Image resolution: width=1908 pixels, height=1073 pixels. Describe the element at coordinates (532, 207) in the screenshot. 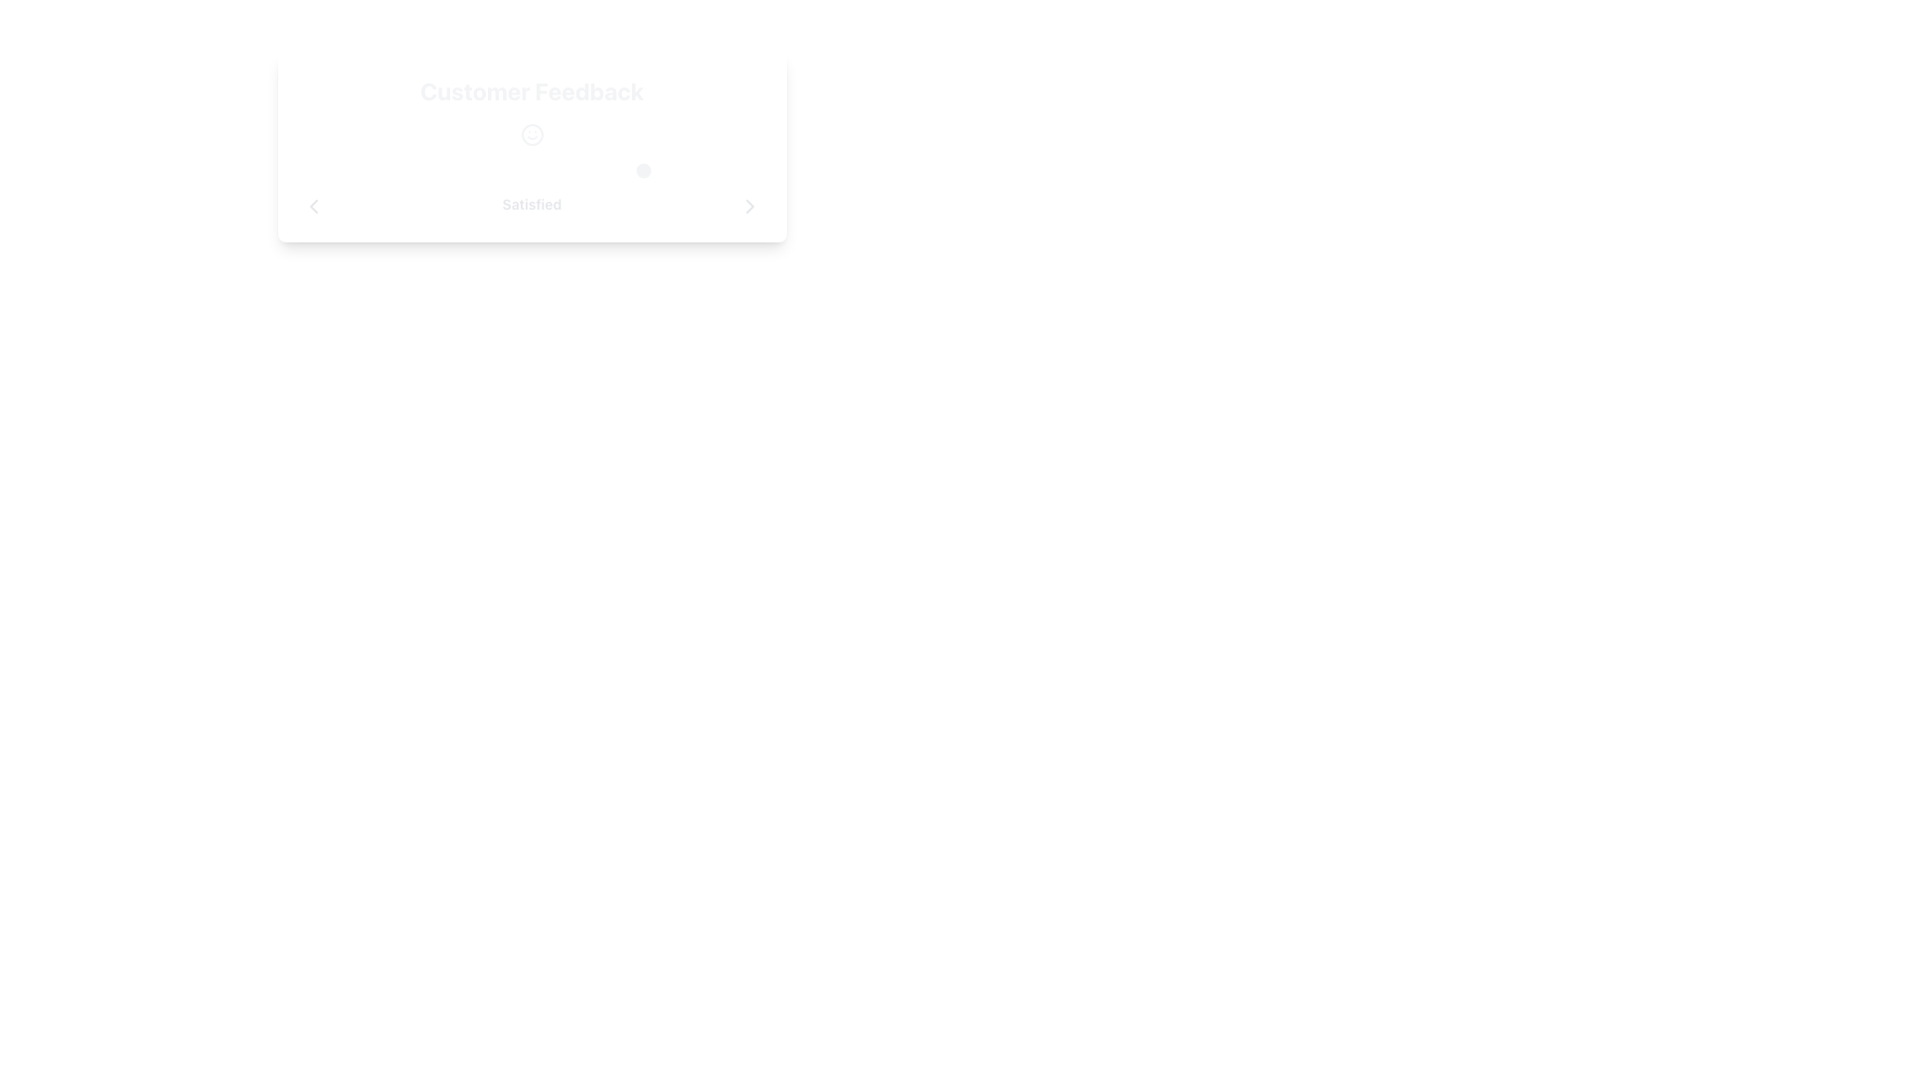

I see `the left or right arrows on the navigation bar labeled 'Satisfied' to interact with the navigation controls` at that location.